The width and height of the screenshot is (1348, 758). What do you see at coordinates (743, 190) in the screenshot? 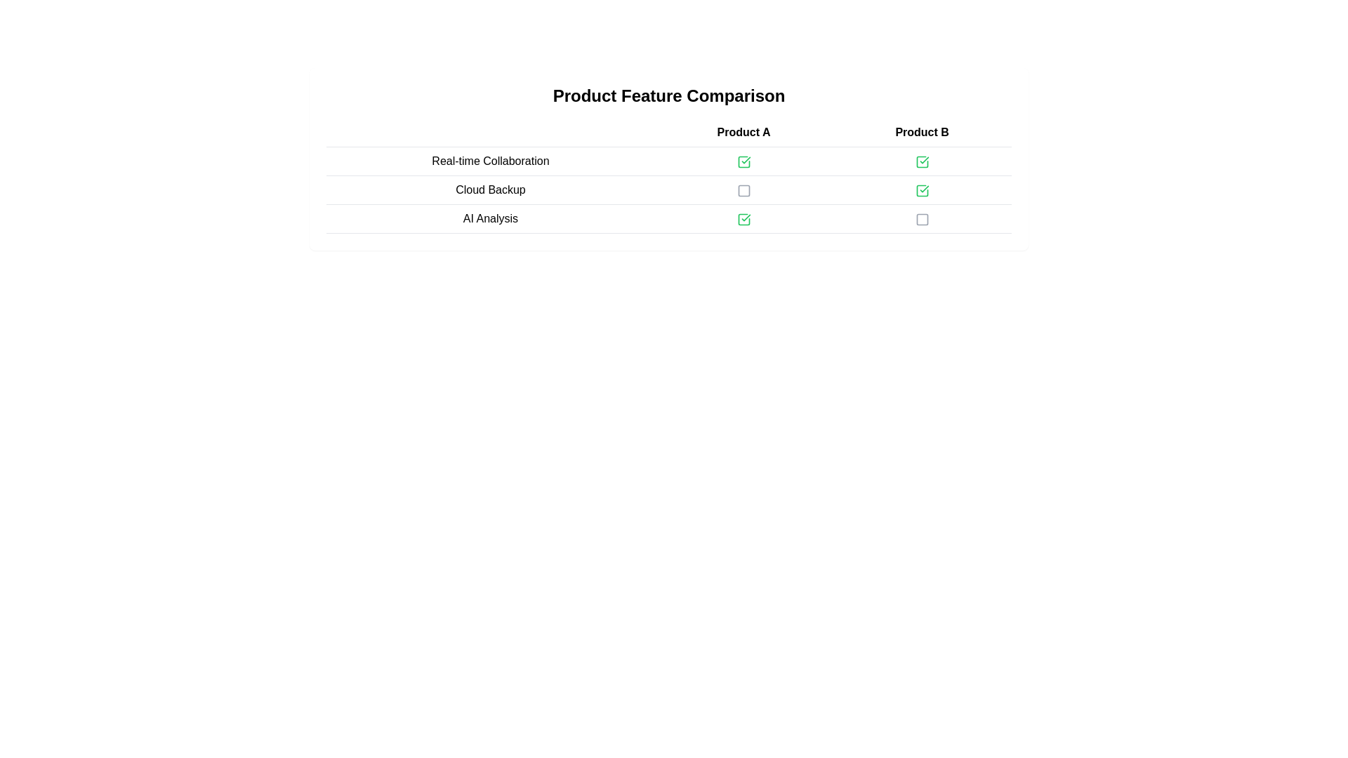
I see `the small square icon with rounded corners in the comparison table under the 'Product A' column, aligned with the 'Cloud Backup' label` at bounding box center [743, 190].